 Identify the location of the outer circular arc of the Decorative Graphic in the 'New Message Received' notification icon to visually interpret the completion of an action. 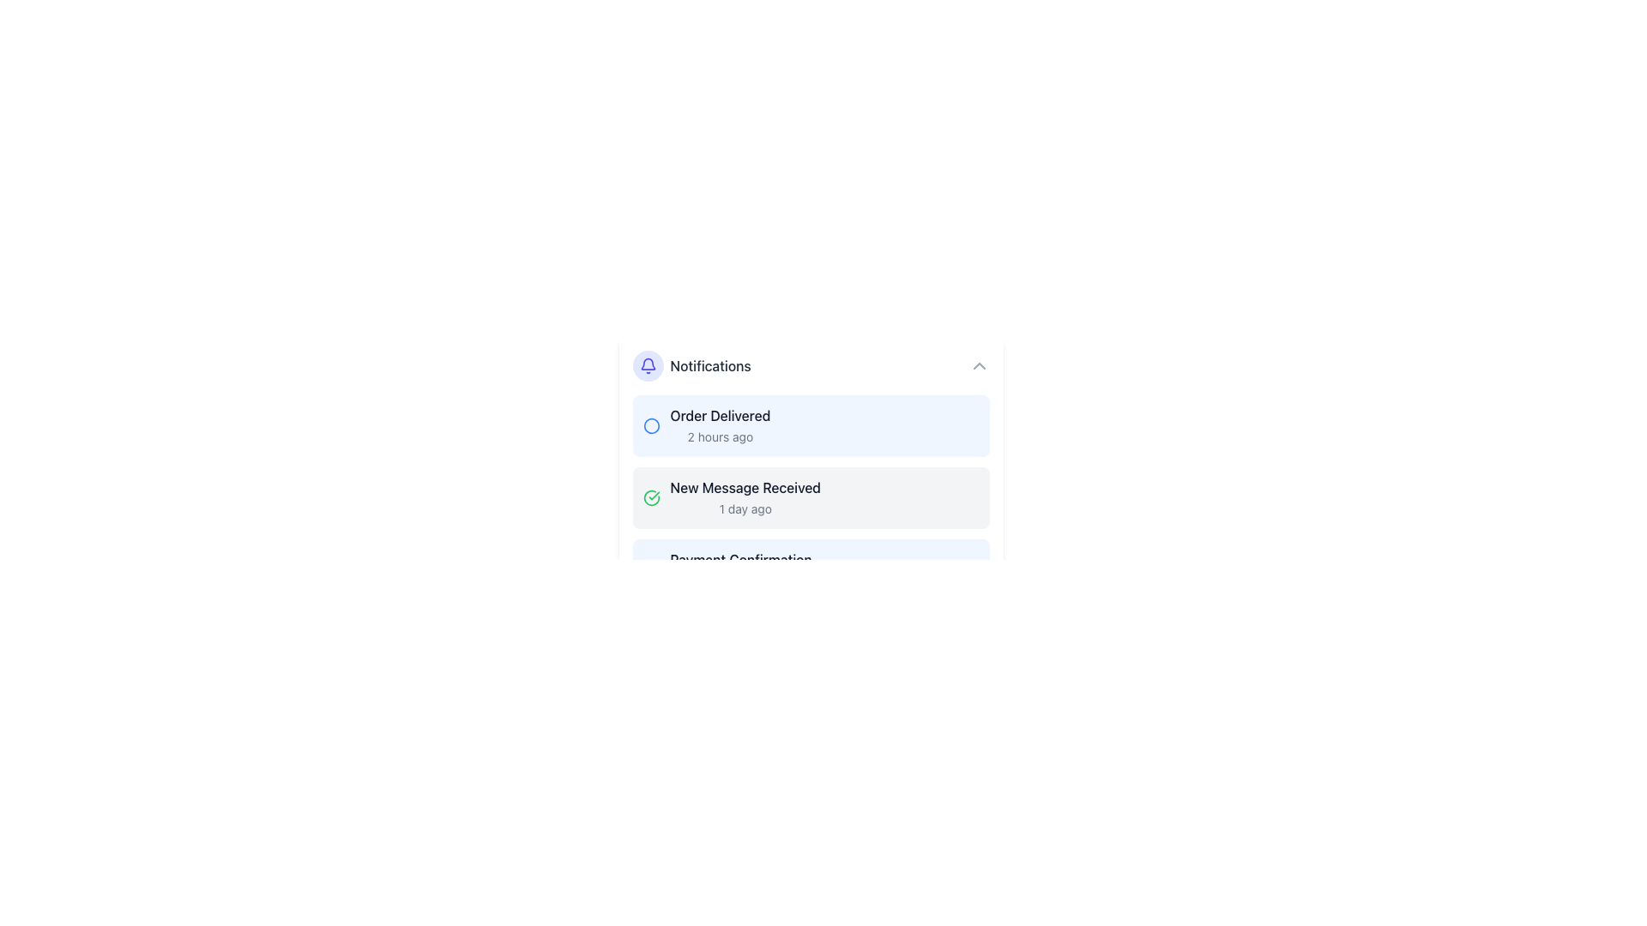
(650, 498).